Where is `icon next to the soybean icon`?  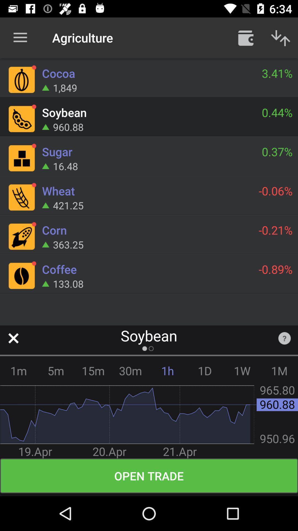 icon next to the soybean icon is located at coordinates (284, 338).